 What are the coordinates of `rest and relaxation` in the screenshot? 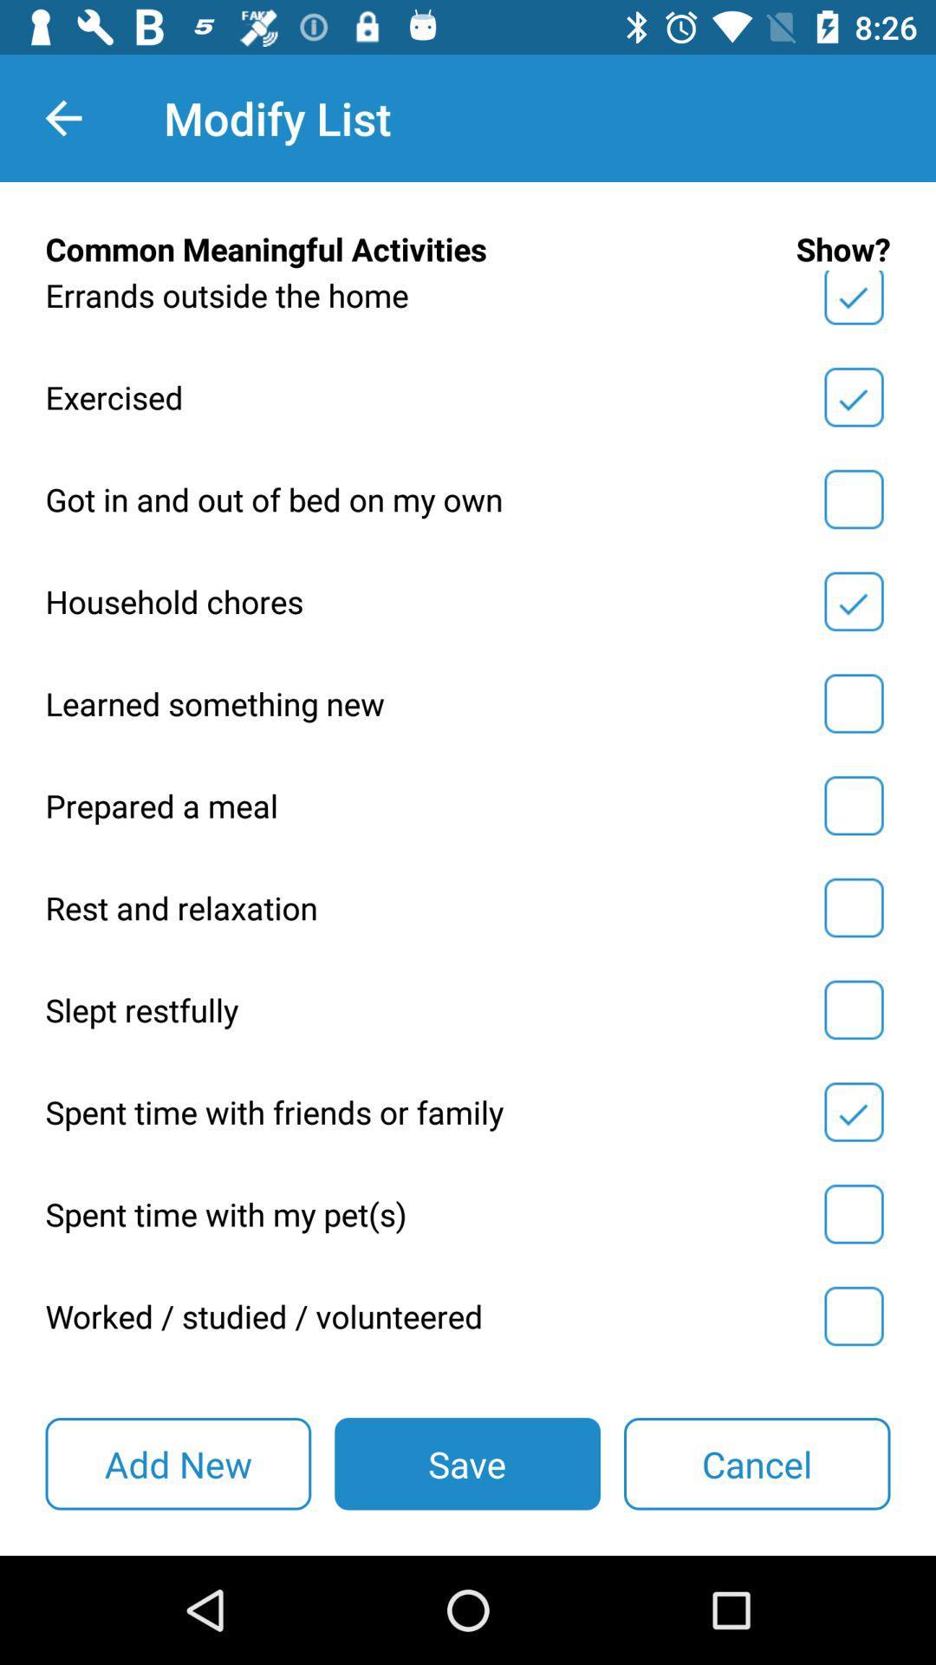 It's located at (853, 906).